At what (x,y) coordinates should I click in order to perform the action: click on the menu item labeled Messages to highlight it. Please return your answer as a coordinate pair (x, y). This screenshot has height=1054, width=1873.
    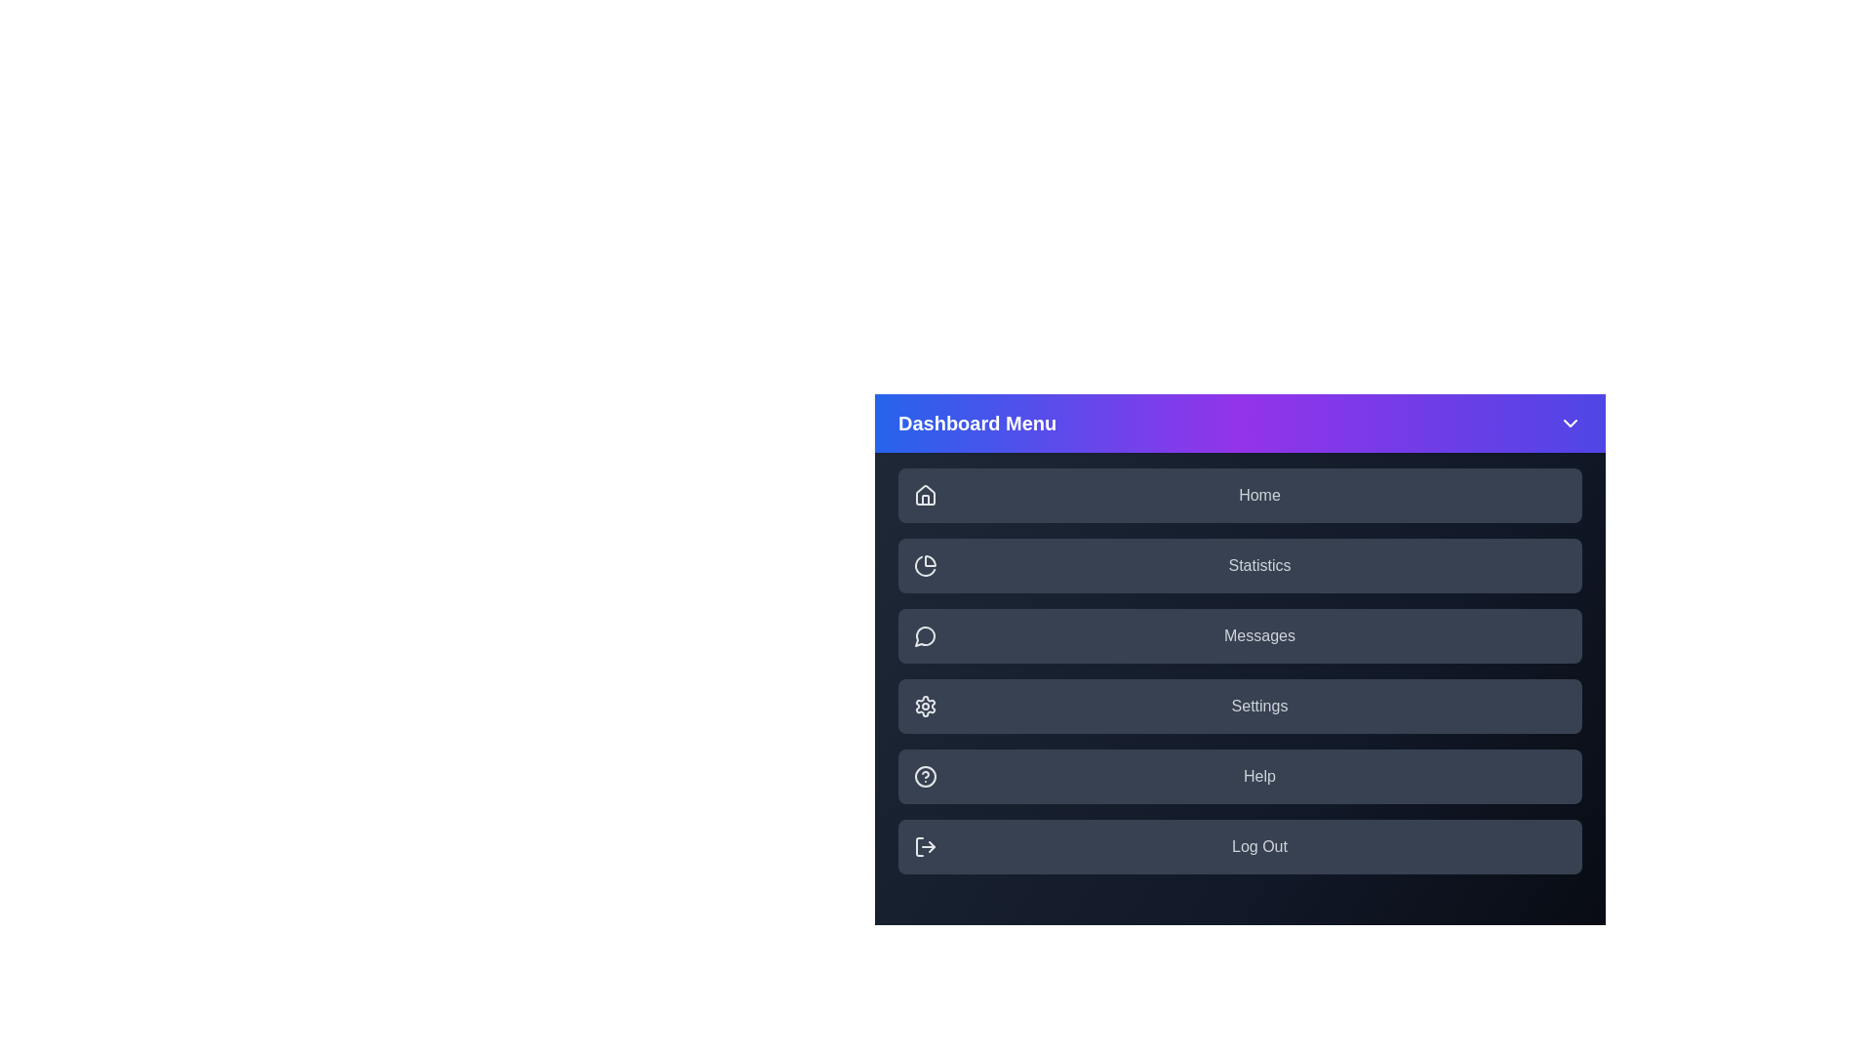
    Looking at the image, I should click on (1239, 635).